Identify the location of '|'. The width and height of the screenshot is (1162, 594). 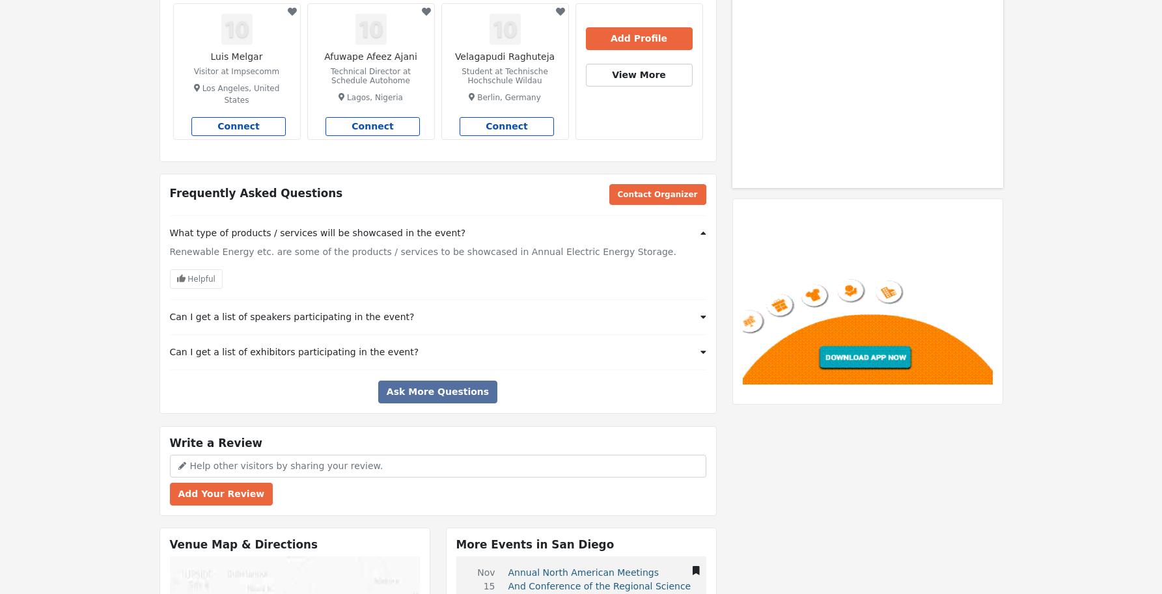
(929, 12).